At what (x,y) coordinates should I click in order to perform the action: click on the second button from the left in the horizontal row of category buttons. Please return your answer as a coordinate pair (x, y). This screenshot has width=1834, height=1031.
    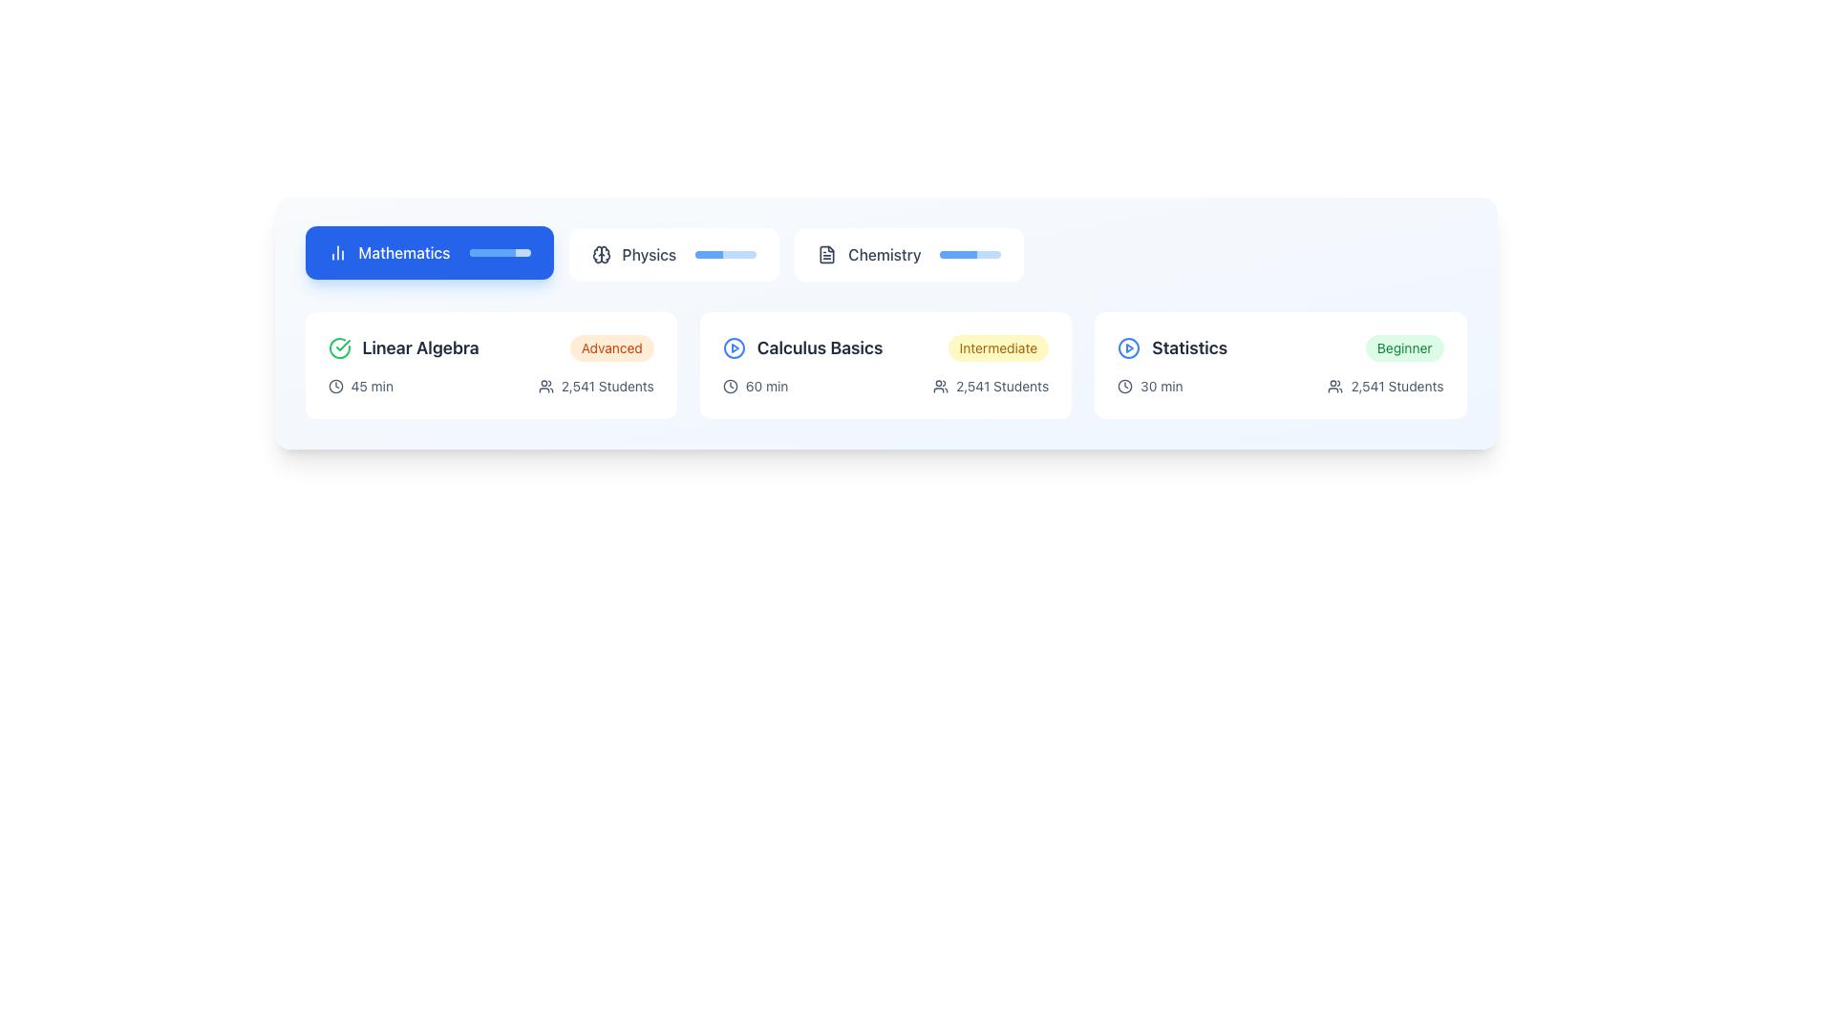
    Looking at the image, I should click on (673, 253).